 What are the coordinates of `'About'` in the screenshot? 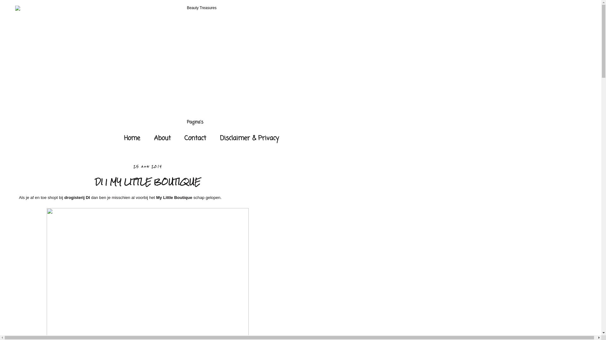 It's located at (147, 138).